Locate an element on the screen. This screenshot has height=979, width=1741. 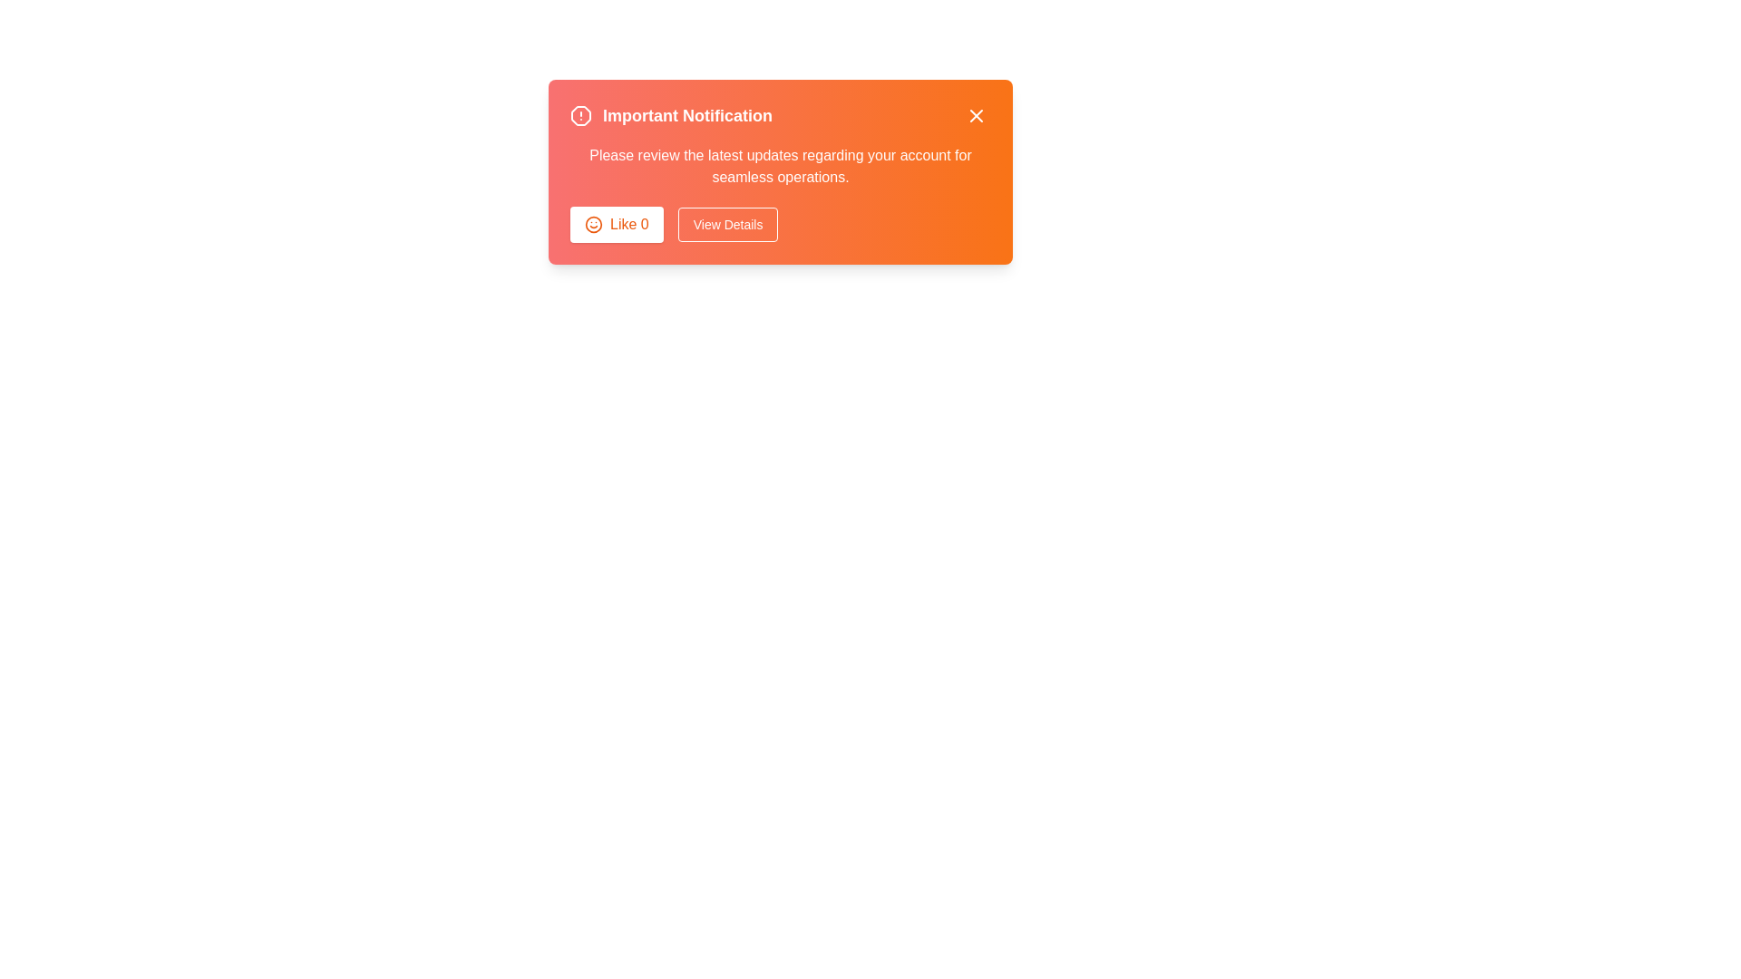
the 'Like' button to increase the like count is located at coordinates (617, 223).